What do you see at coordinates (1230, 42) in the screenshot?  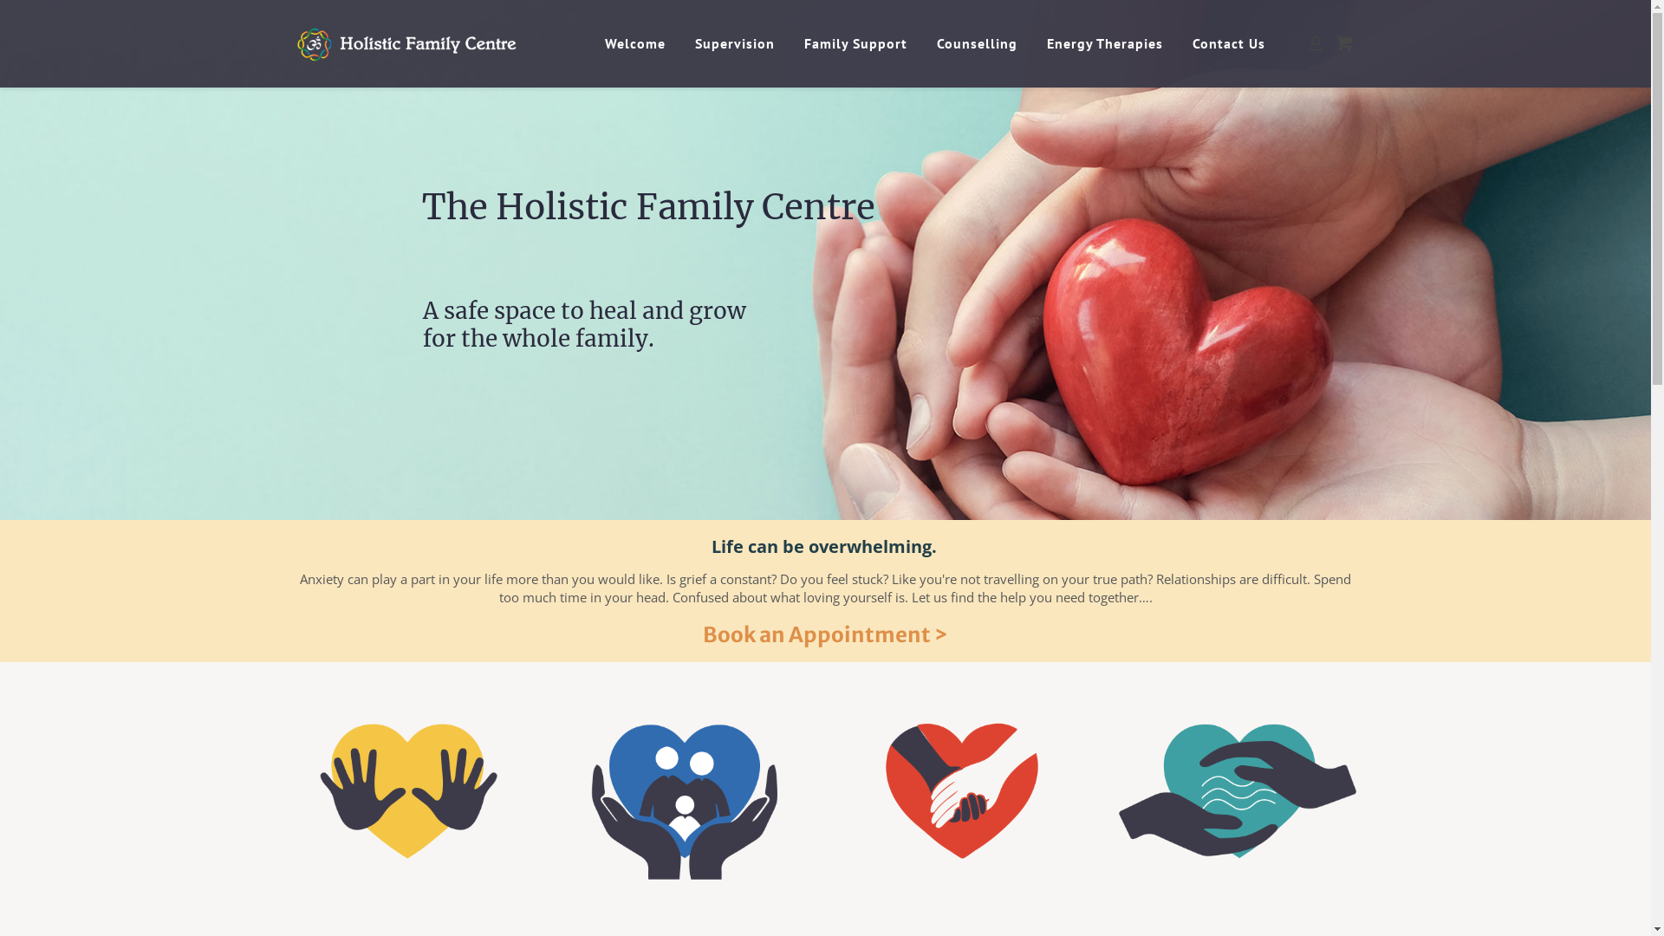 I see `'Contact Us'` at bounding box center [1230, 42].